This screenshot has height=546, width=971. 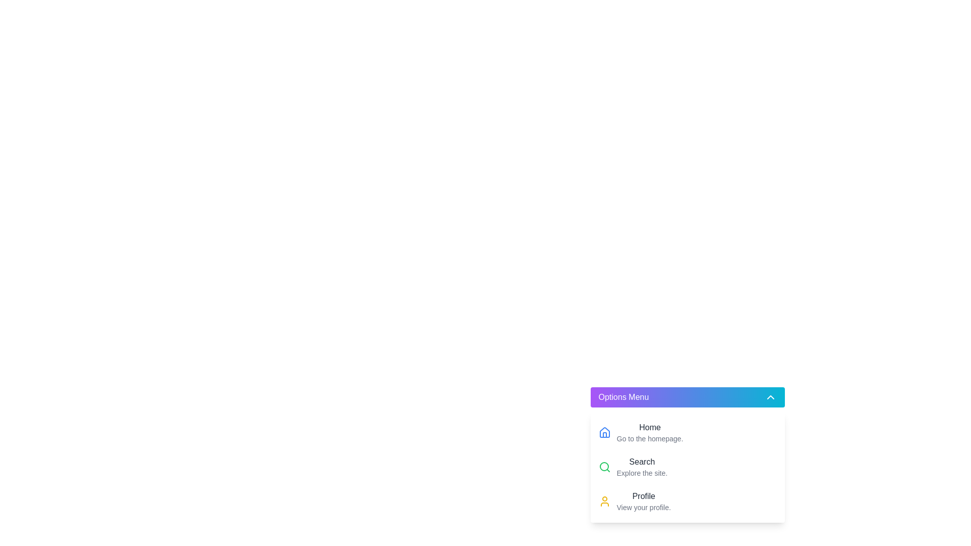 I want to click on the circular graphical element that forms part of the magnifying glass icon representing the 'Search' functionality in the top right section of the 'Options Menu', so click(x=604, y=466).